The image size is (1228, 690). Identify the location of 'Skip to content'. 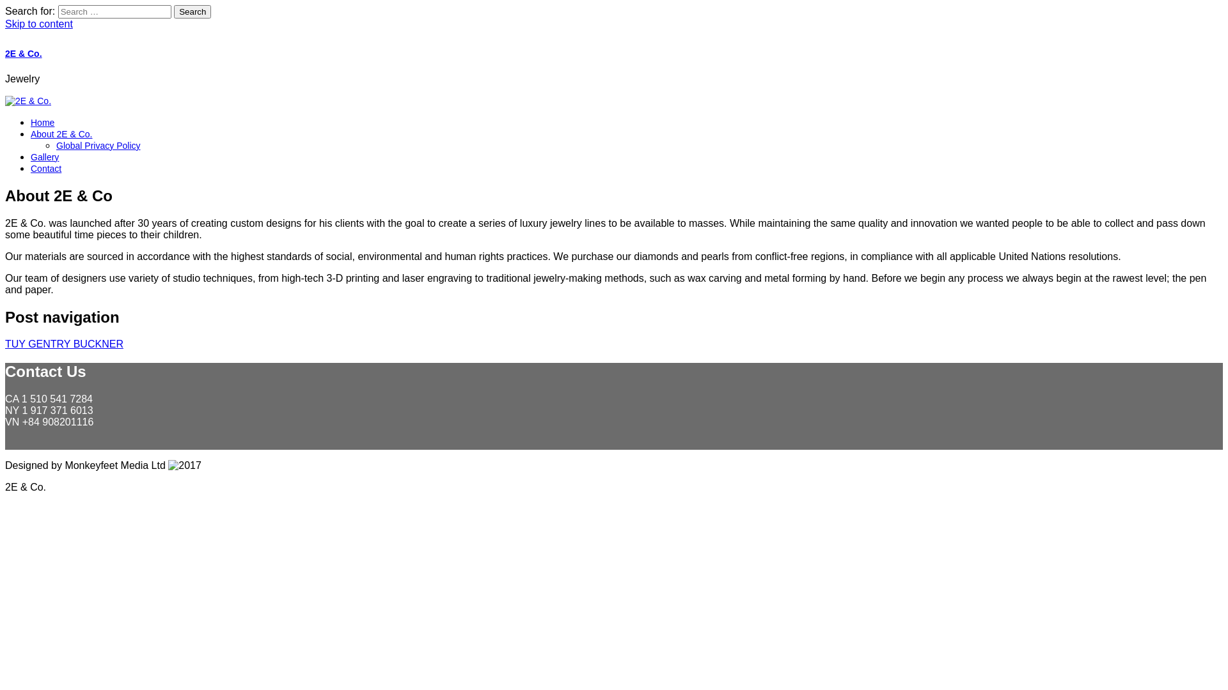
(39, 24).